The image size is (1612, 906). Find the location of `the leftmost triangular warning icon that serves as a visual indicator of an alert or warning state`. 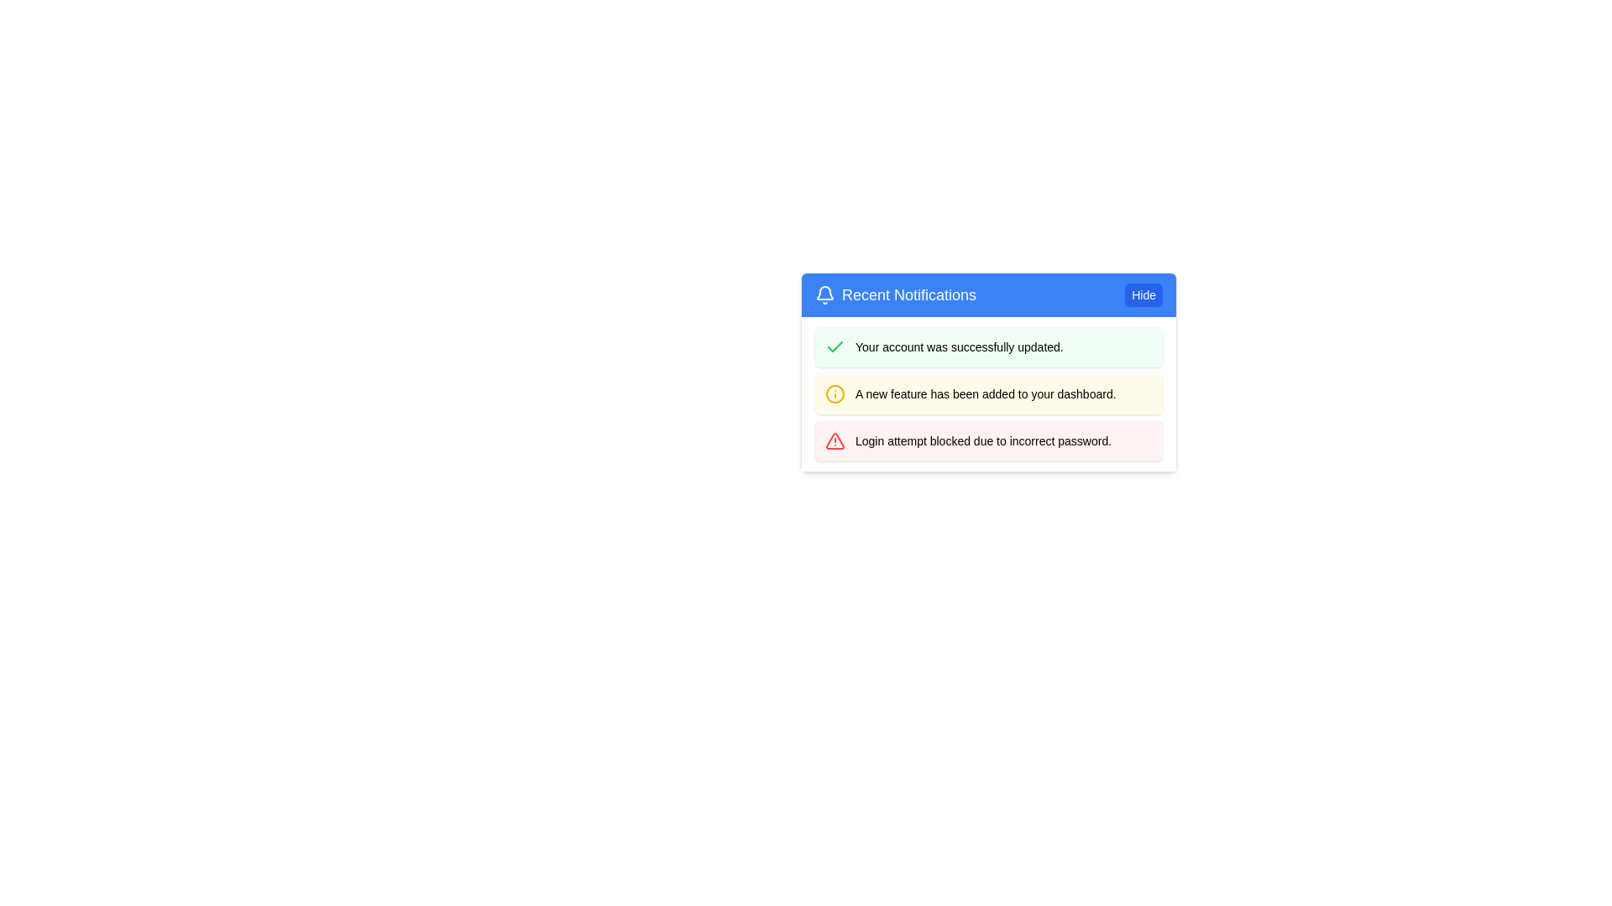

the leftmost triangular warning icon that serves as a visual indicator of an alert or warning state is located at coordinates (835, 440).